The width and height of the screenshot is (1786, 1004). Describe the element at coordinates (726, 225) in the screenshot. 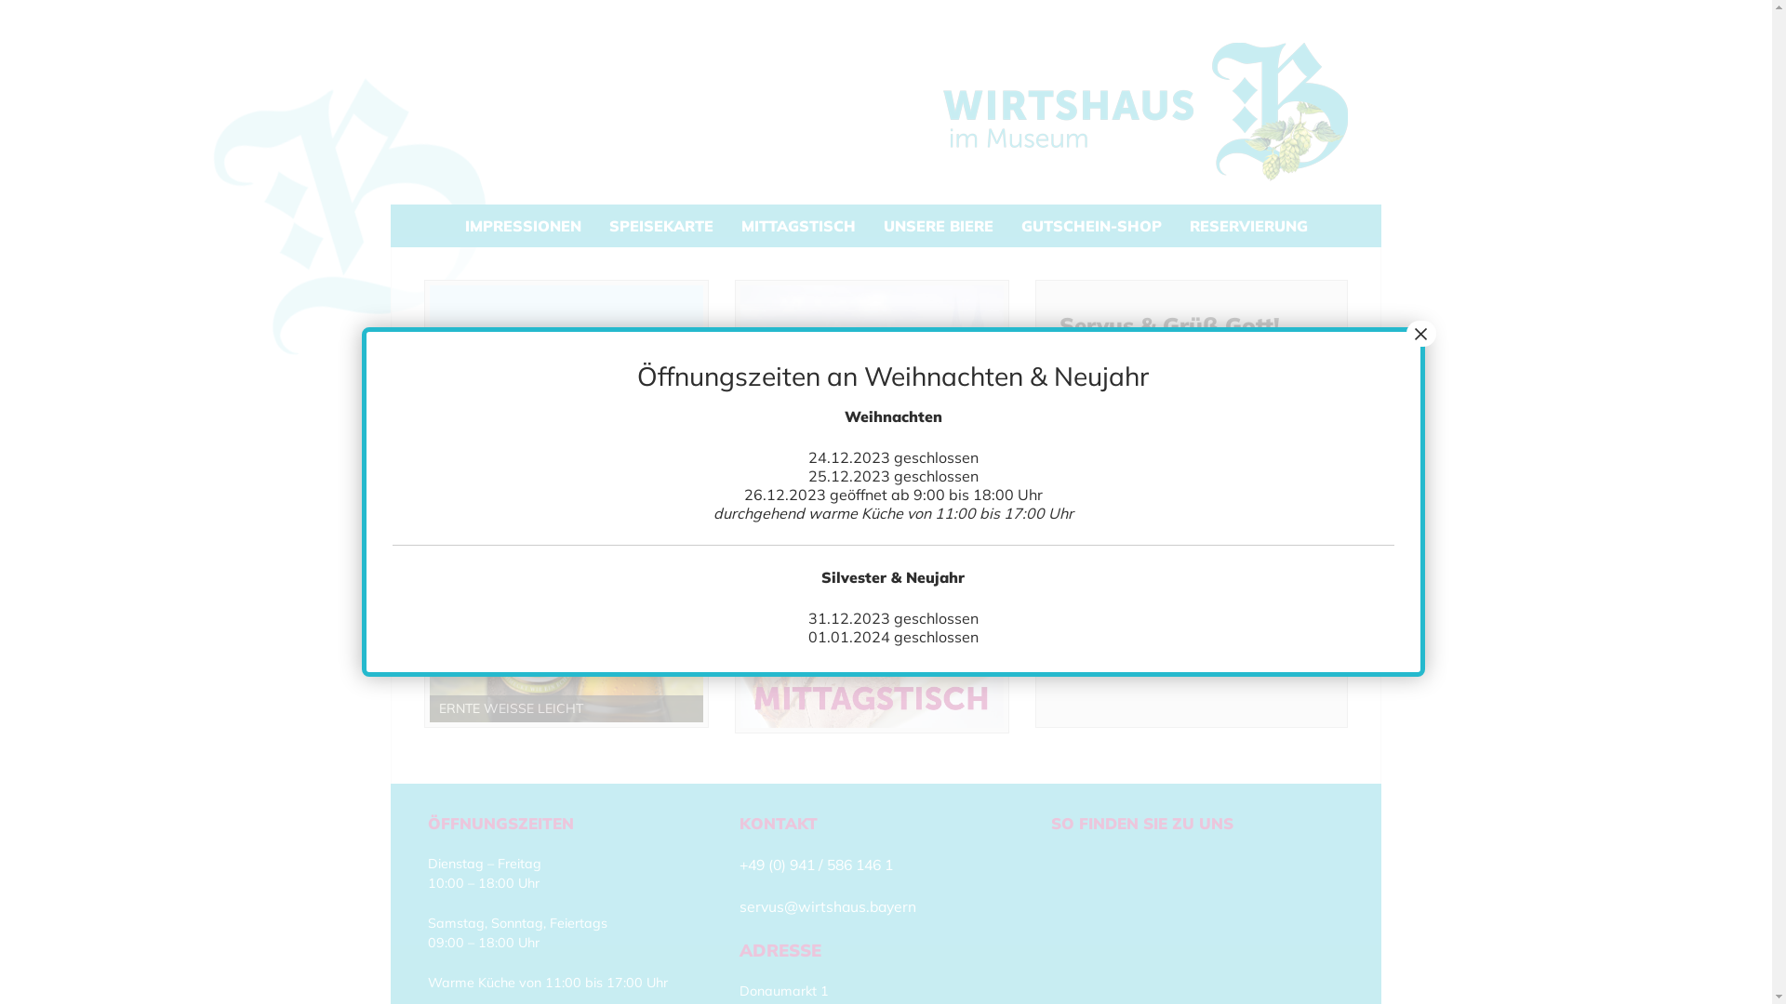

I see `'MITTAGSTISCH'` at that location.